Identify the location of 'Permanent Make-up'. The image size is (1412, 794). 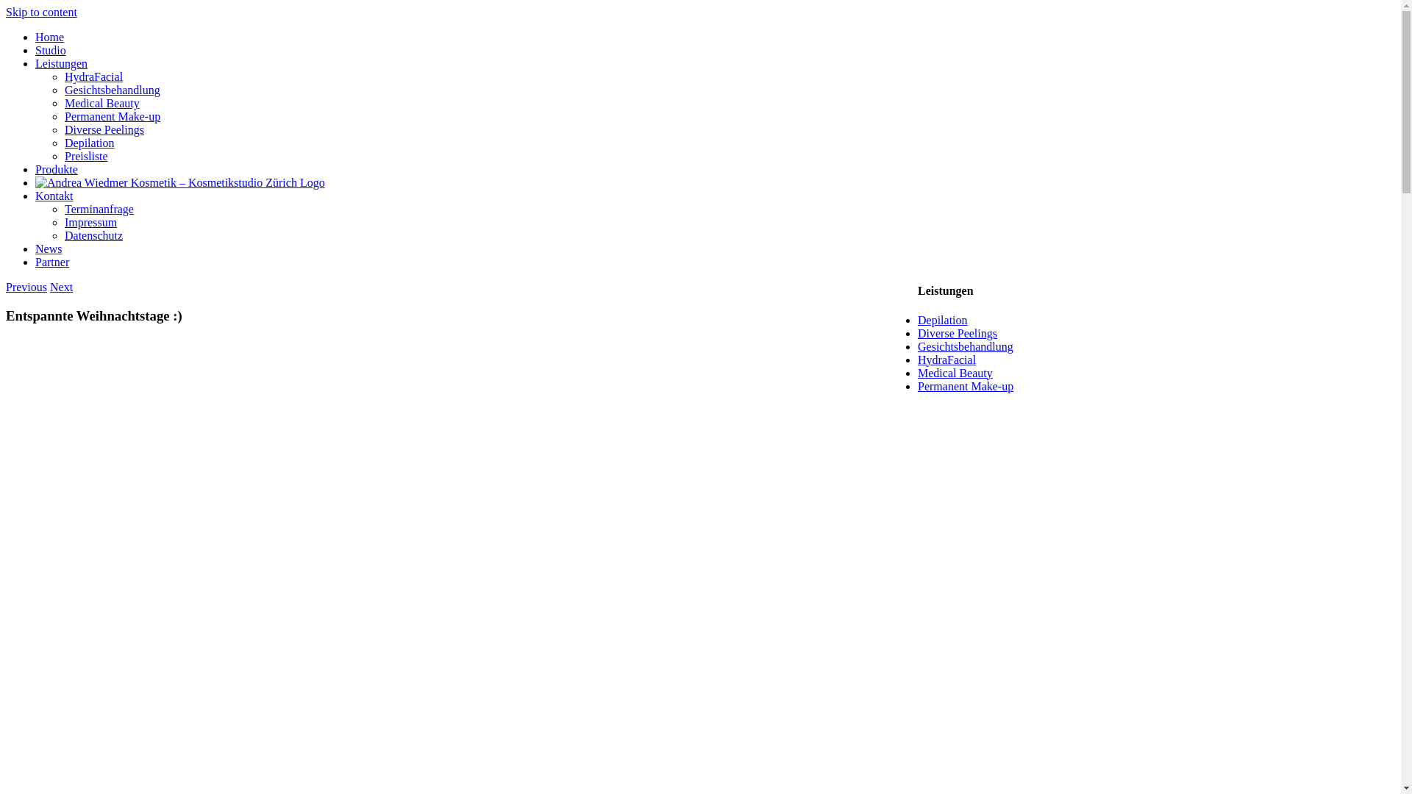
(966, 385).